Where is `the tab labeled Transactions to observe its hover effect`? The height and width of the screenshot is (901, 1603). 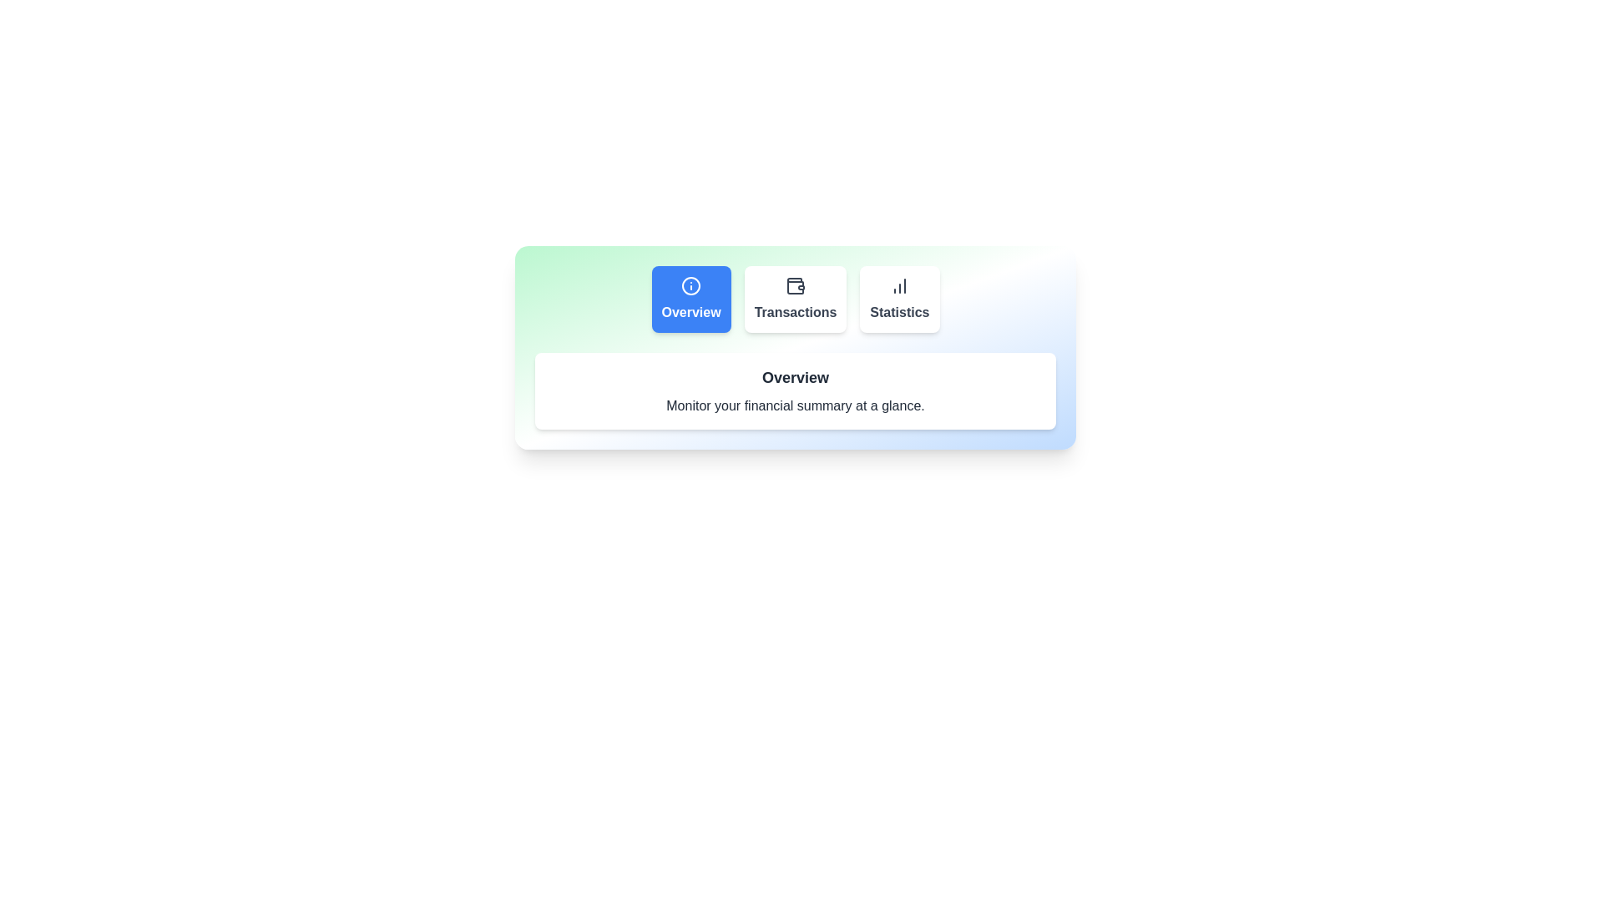 the tab labeled Transactions to observe its hover effect is located at coordinates (795, 298).